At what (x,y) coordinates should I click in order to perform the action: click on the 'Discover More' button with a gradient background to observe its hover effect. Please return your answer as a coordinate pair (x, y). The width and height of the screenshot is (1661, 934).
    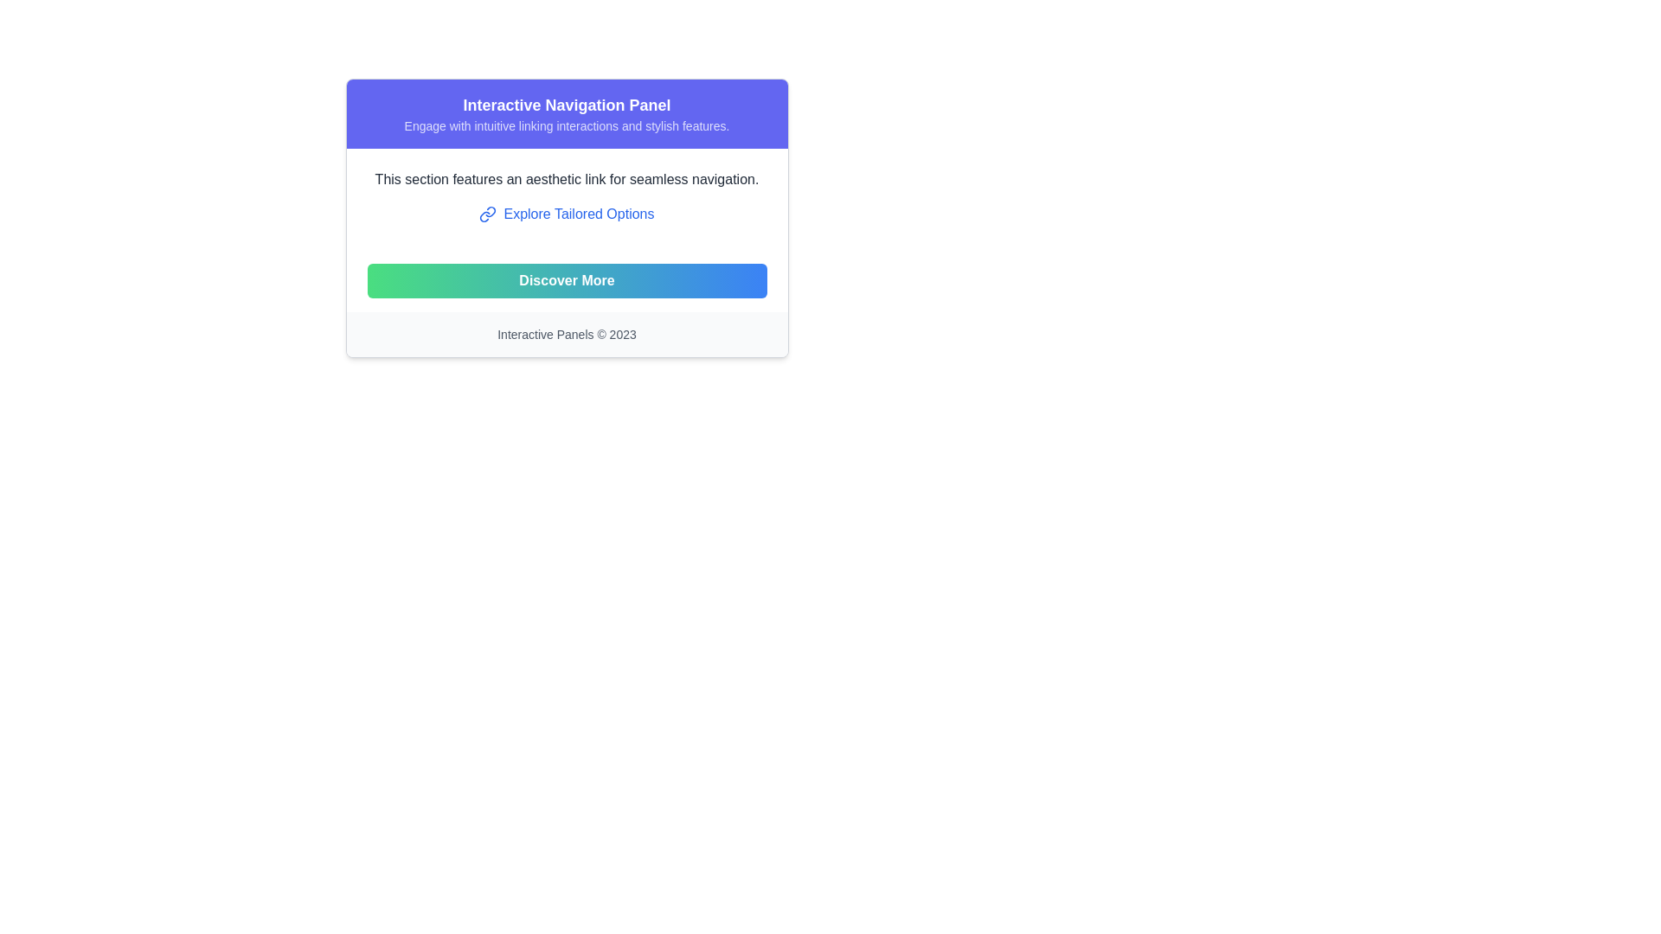
    Looking at the image, I should click on (567, 279).